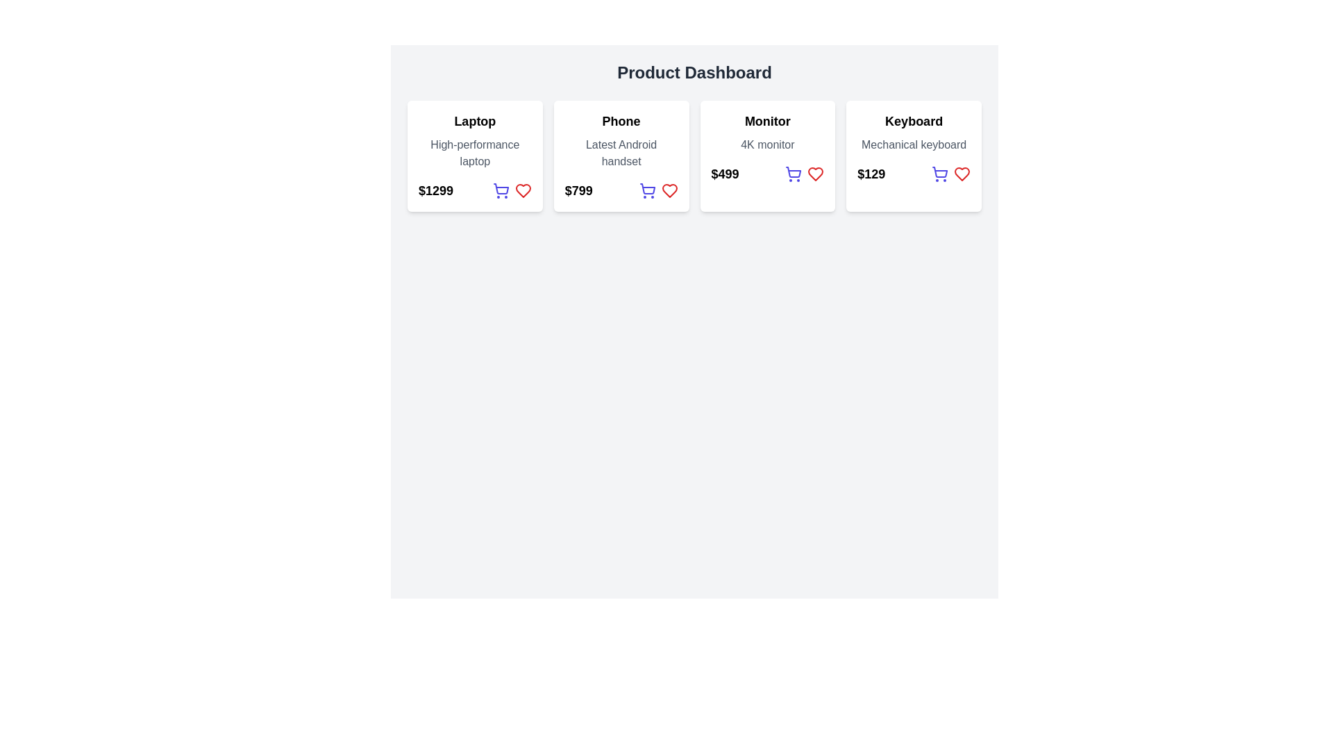  What do you see at coordinates (621, 153) in the screenshot?
I see `the text label that provides descriptive information about the 'Phone' product, located below the product title and above the price` at bounding box center [621, 153].